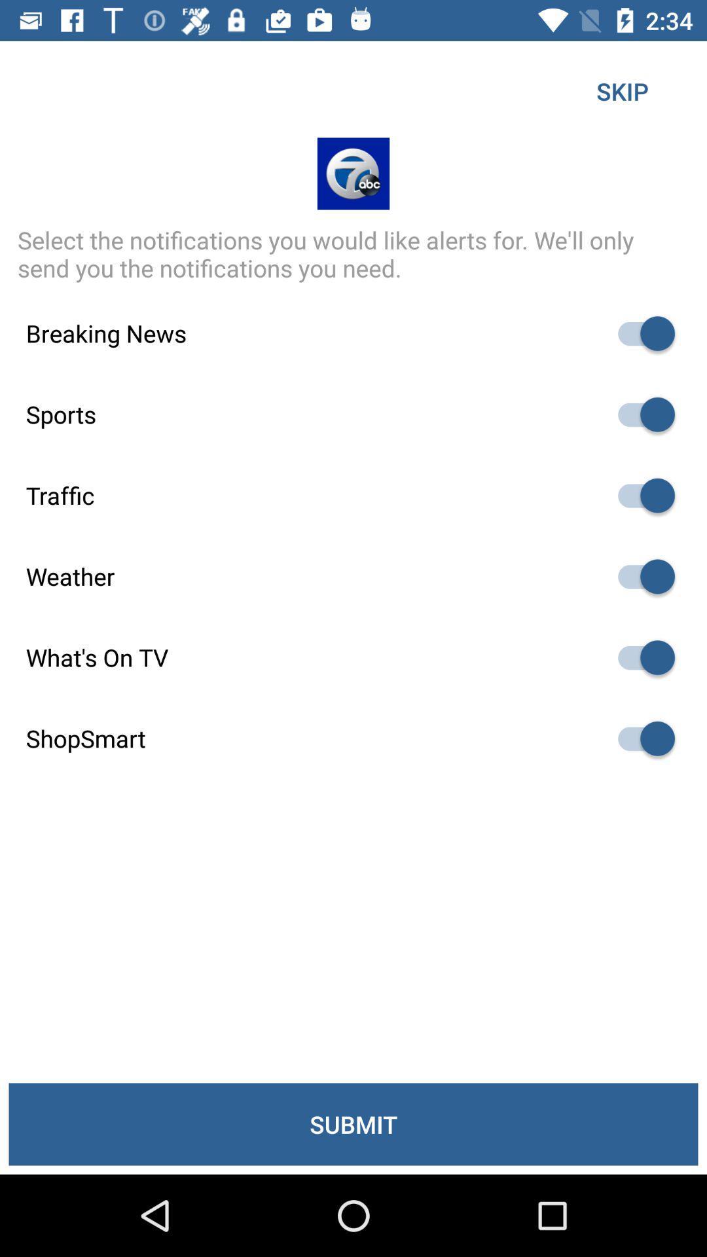 This screenshot has height=1257, width=707. I want to click on favorite, so click(640, 414).